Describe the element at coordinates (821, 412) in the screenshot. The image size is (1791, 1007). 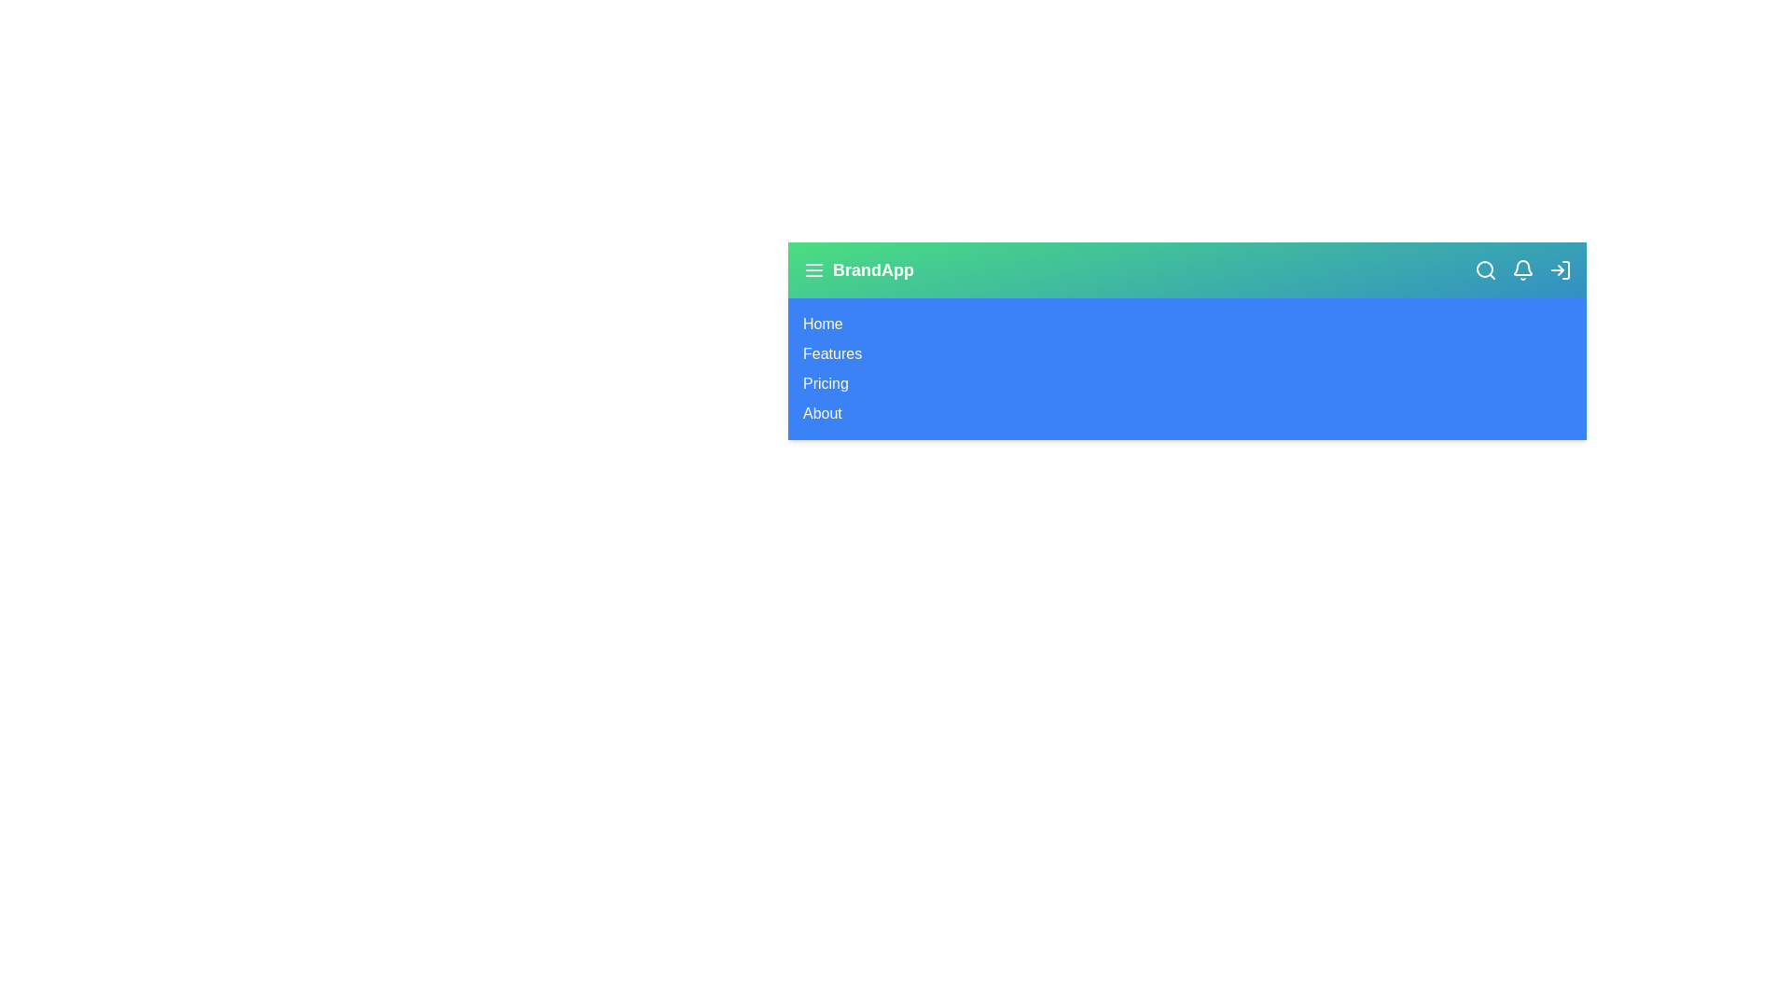
I see `the menu item corresponding to About to navigate to that section` at that location.